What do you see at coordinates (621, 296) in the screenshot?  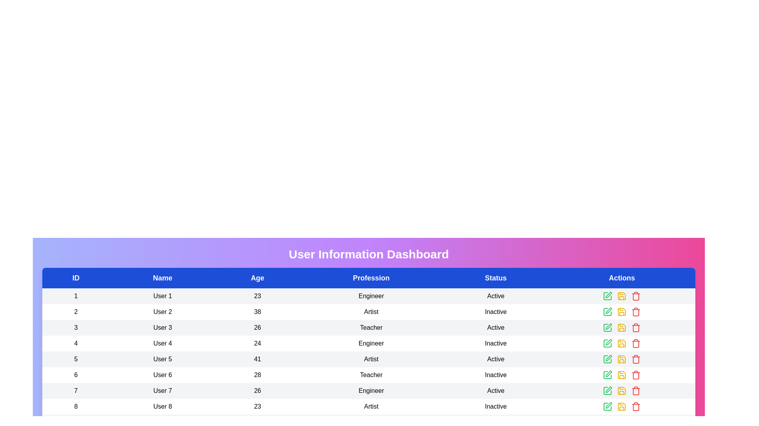 I see `the save icon in the row corresponding to User 1` at bounding box center [621, 296].